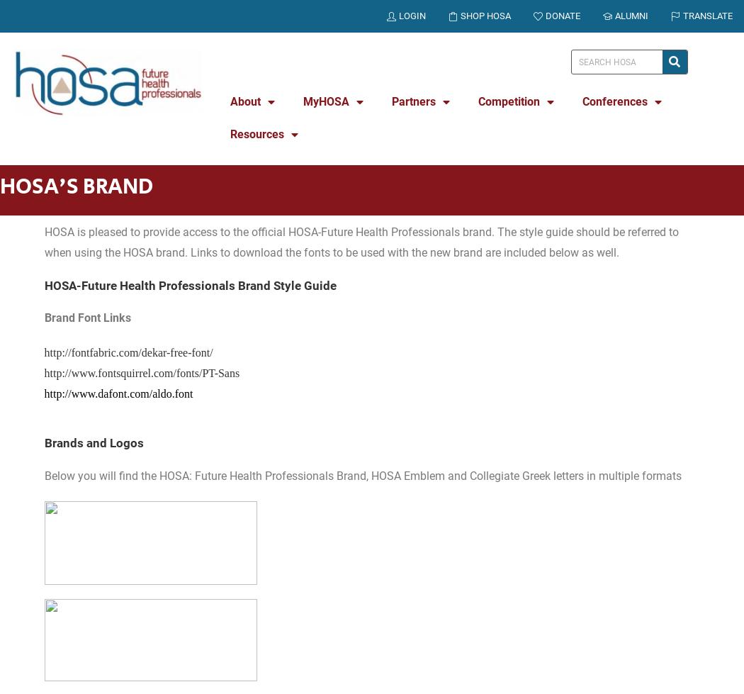 The image size is (744, 694). I want to click on 'Below you will find the HOSA: Future Health Professionals Brand, HOSA Emblem and Collegiate Greek letters in multiple formats', so click(361, 475).